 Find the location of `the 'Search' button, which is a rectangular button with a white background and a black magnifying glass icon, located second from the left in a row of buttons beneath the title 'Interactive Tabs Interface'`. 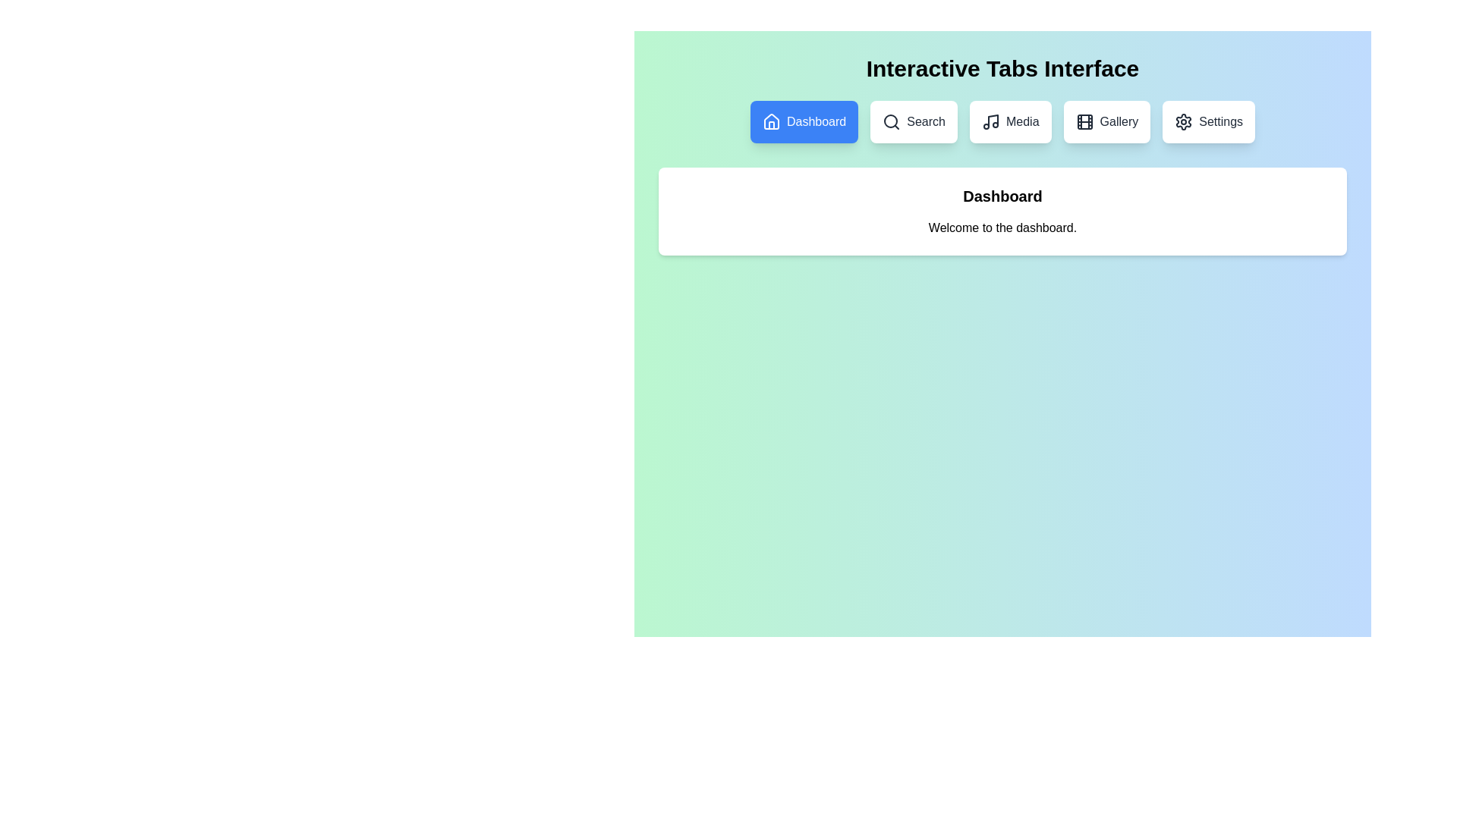

the 'Search' button, which is a rectangular button with a white background and a black magnifying glass icon, located second from the left in a row of buttons beneath the title 'Interactive Tabs Interface' is located at coordinates (913, 121).